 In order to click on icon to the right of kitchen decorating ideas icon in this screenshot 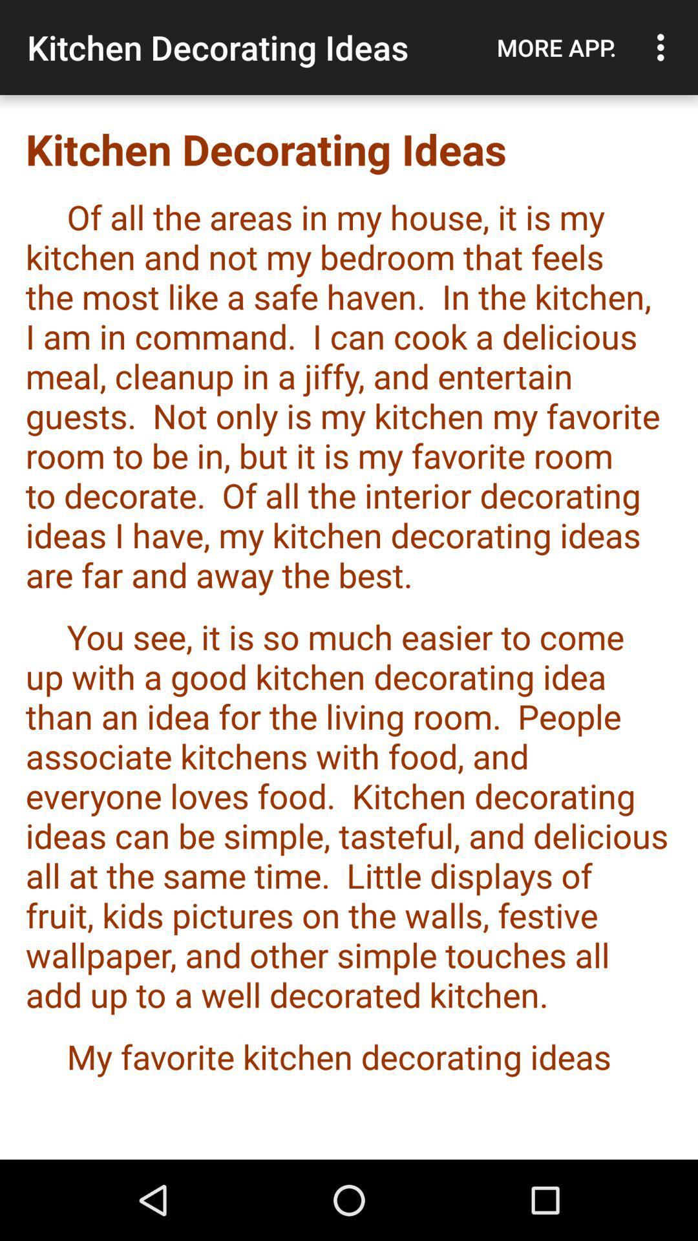, I will do `click(556, 47)`.